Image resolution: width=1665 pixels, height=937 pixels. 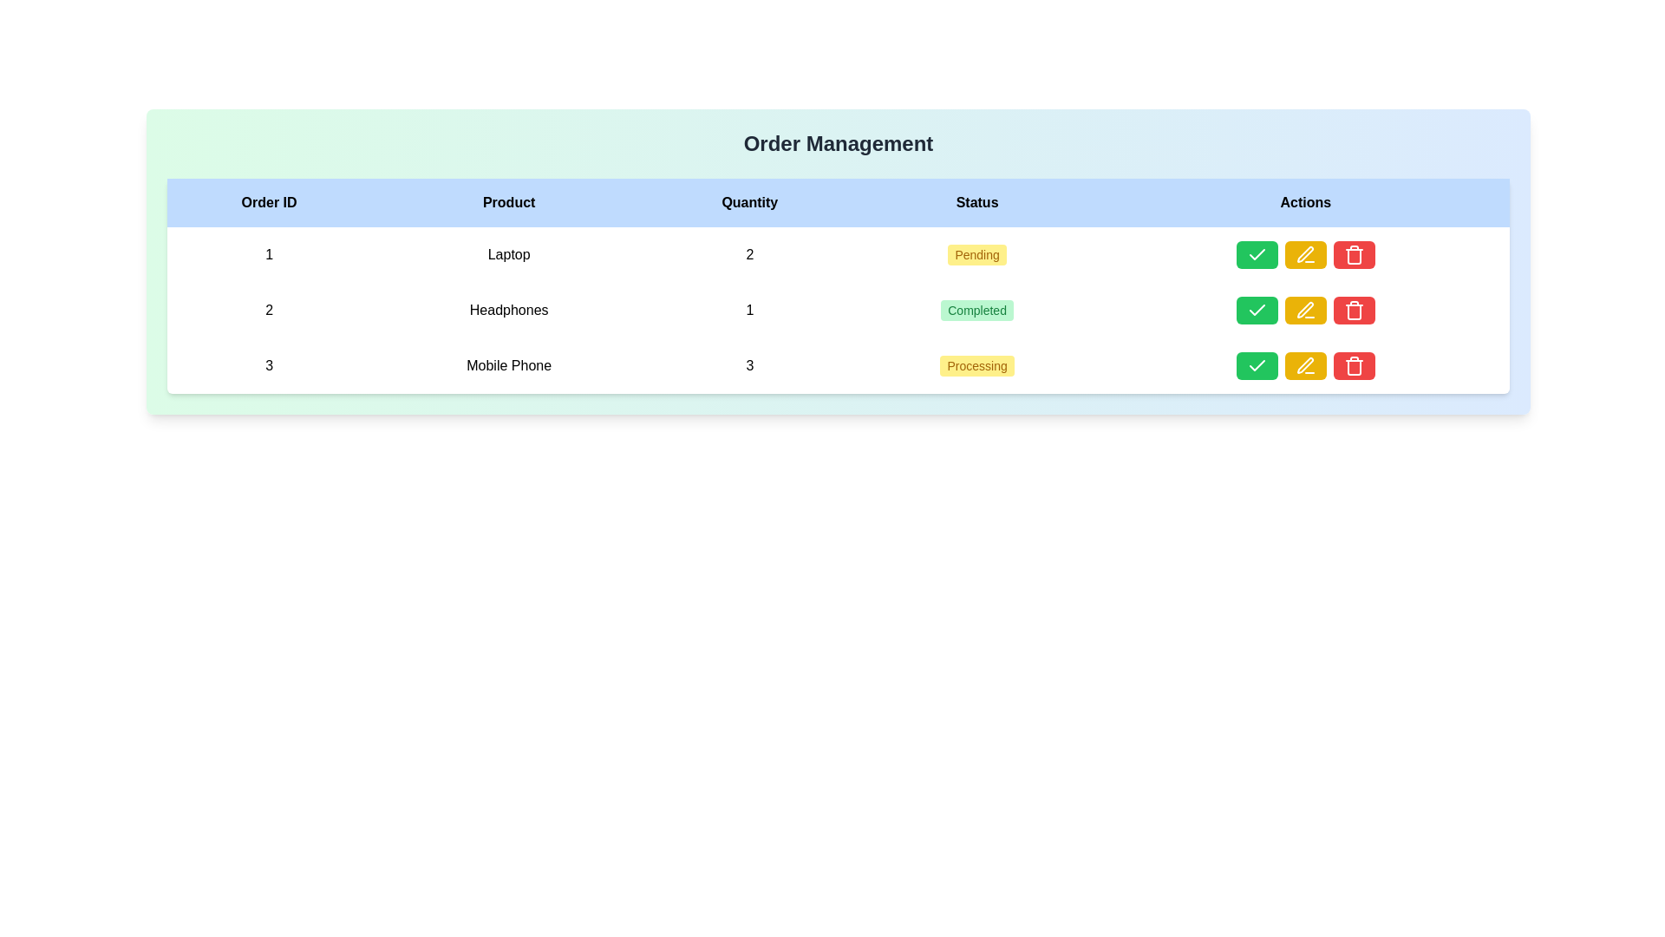 What do you see at coordinates (1305, 309) in the screenshot?
I see `the yellow pen icon in the 'Actions' column of the second row` at bounding box center [1305, 309].